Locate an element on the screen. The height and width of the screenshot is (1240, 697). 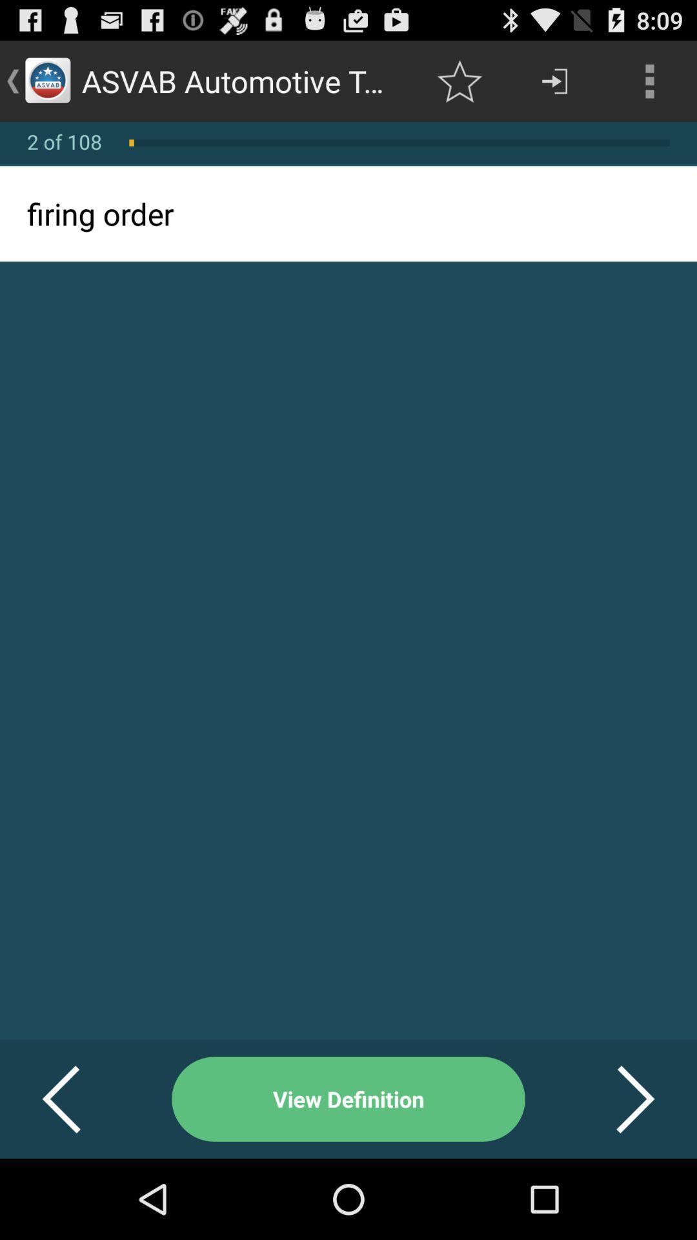
the button to the left of view definition item is located at coordinates (77, 1099).